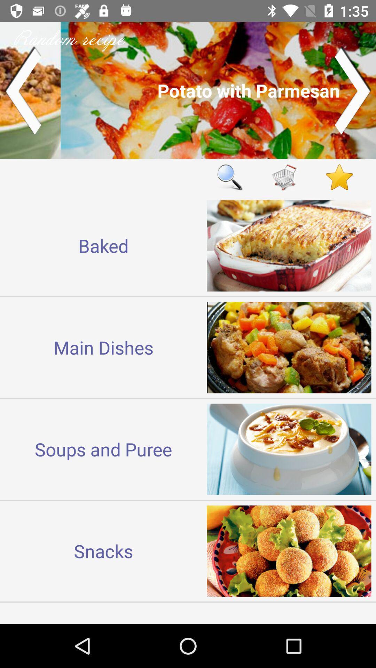 The width and height of the screenshot is (376, 668). What do you see at coordinates (284, 177) in the screenshot?
I see `open shopping cart` at bounding box center [284, 177].